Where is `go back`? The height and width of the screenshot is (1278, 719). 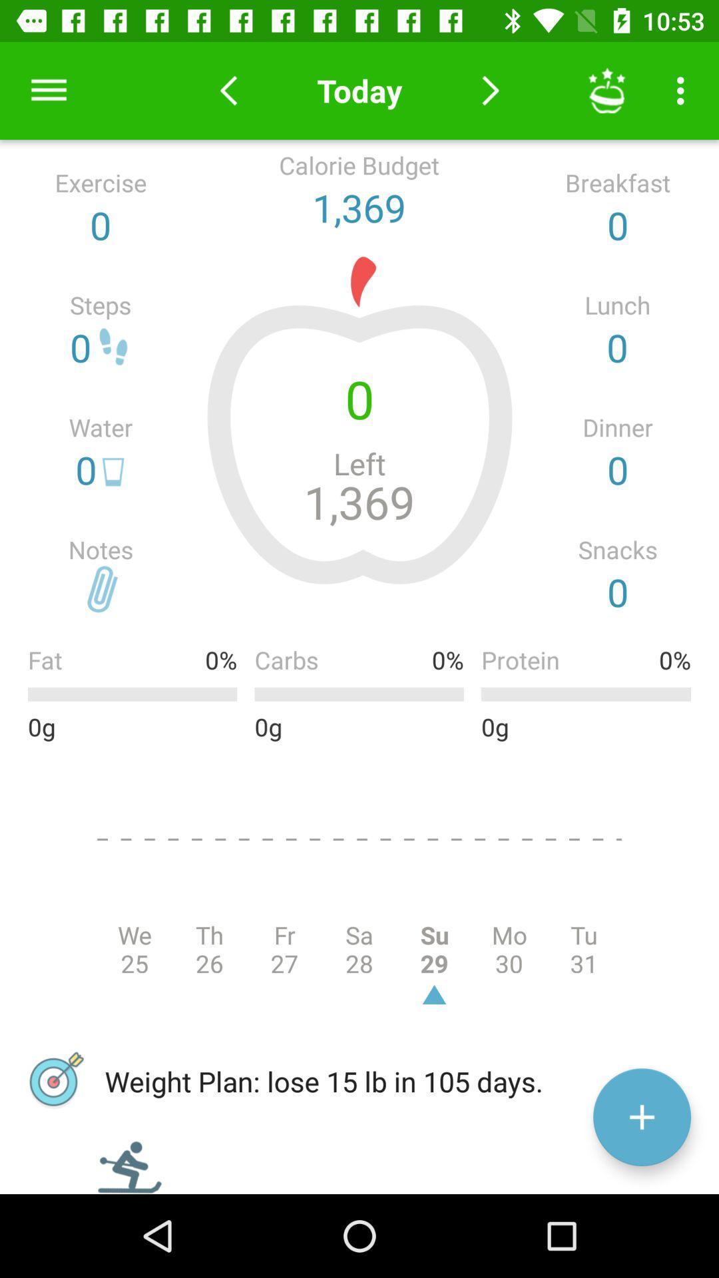 go back is located at coordinates (228, 90).